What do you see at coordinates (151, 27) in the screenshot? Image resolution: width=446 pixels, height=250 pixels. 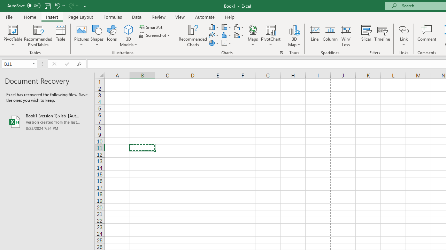 I see `'SmartArt...'` at bounding box center [151, 27].